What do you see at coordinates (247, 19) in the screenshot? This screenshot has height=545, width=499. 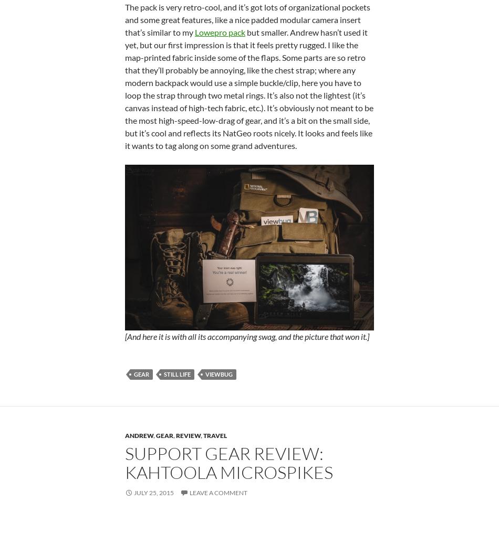 I see `'The pack is very retro-cool, and it’s got lots of organizational pockets and some great features, like a nice padded modular camera insert that’s similar to my'` at bounding box center [247, 19].